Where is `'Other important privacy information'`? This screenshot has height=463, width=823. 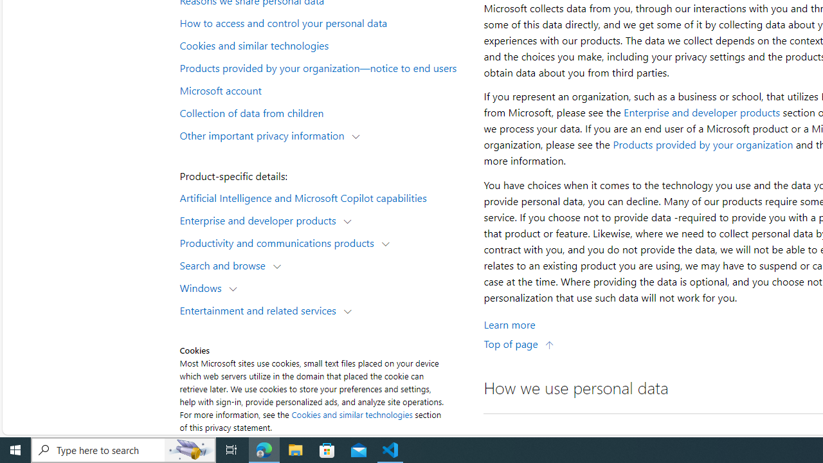 'Other important privacy information' is located at coordinates (264, 134).